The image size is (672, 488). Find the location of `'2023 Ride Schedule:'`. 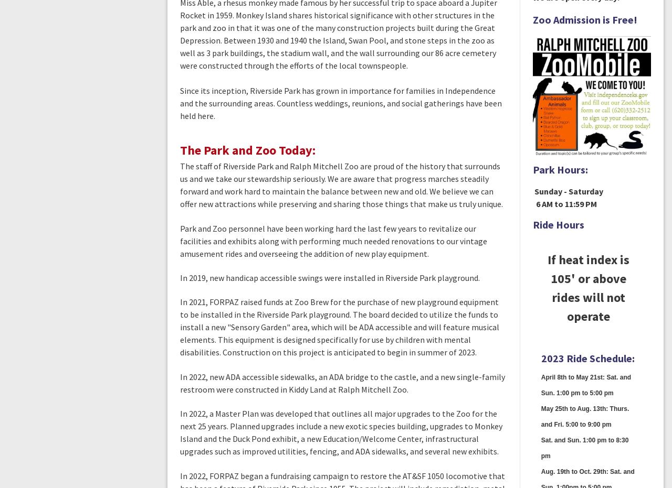

'2023 Ride Schedule:' is located at coordinates (586, 357).